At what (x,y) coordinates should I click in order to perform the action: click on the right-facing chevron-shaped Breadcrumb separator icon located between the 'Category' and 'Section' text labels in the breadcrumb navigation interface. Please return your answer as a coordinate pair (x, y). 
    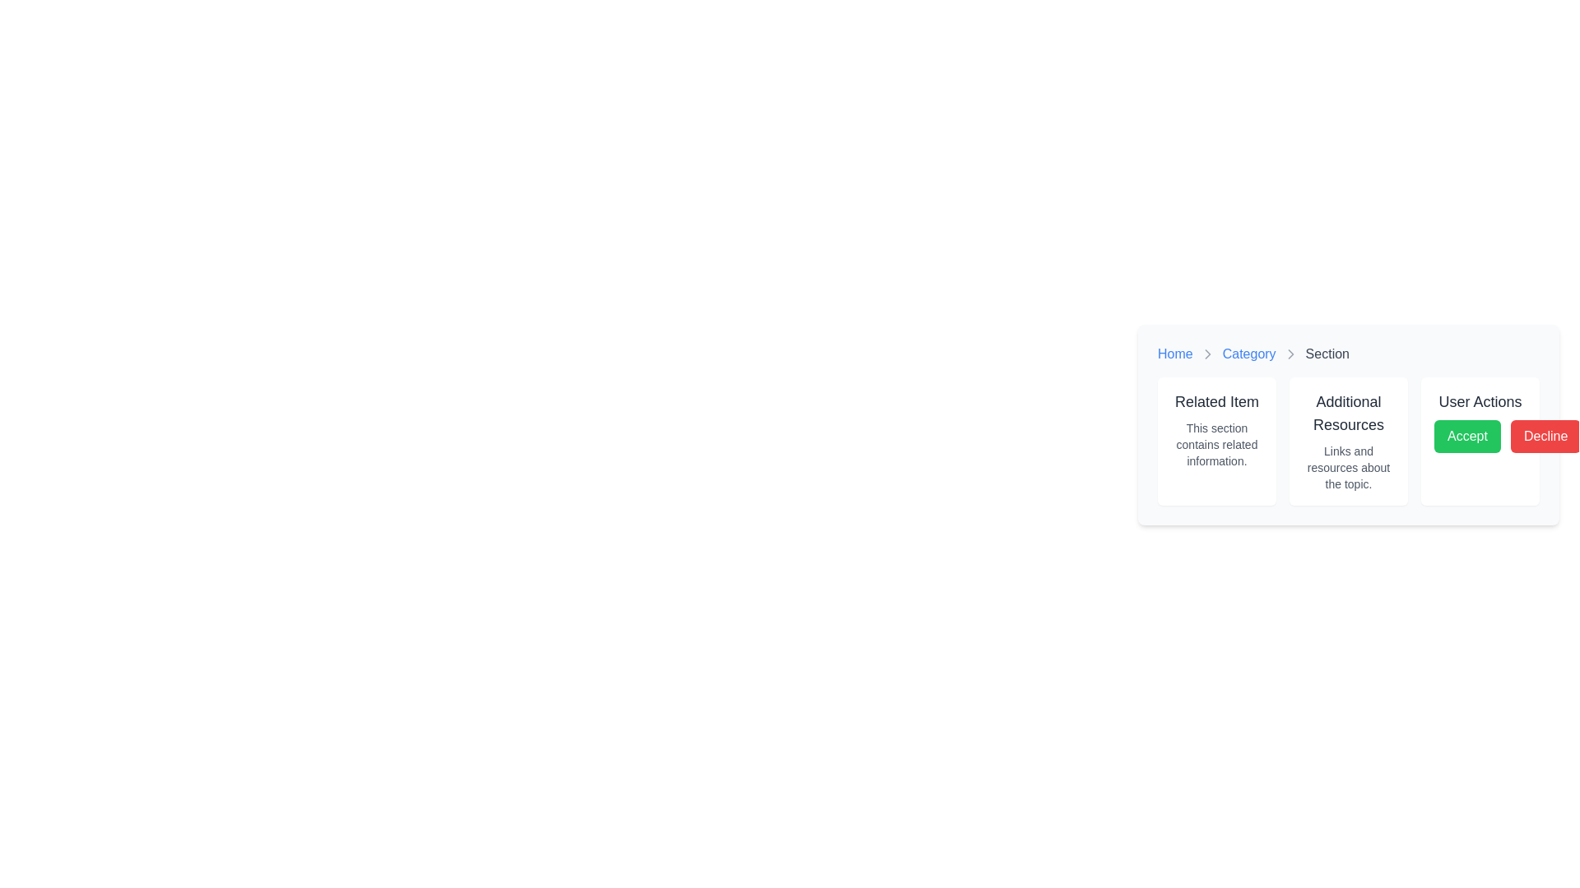
    Looking at the image, I should click on (1207, 354).